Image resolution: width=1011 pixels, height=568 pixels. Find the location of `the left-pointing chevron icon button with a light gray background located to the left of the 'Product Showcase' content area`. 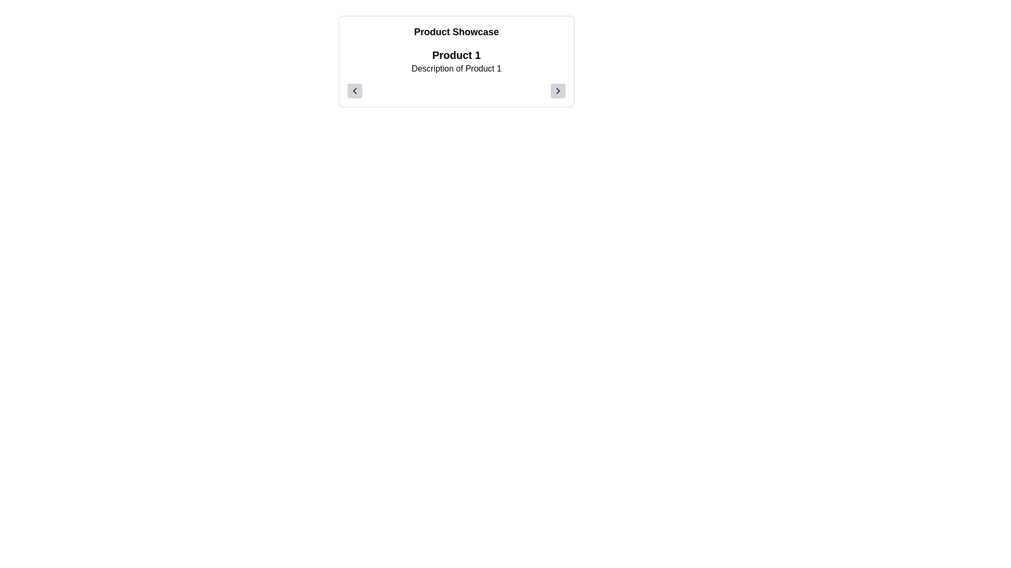

the left-pointing chevron icon button with a light gray background located to the left of the 'Product Showcase' content area is located at coordinates (354, 90).